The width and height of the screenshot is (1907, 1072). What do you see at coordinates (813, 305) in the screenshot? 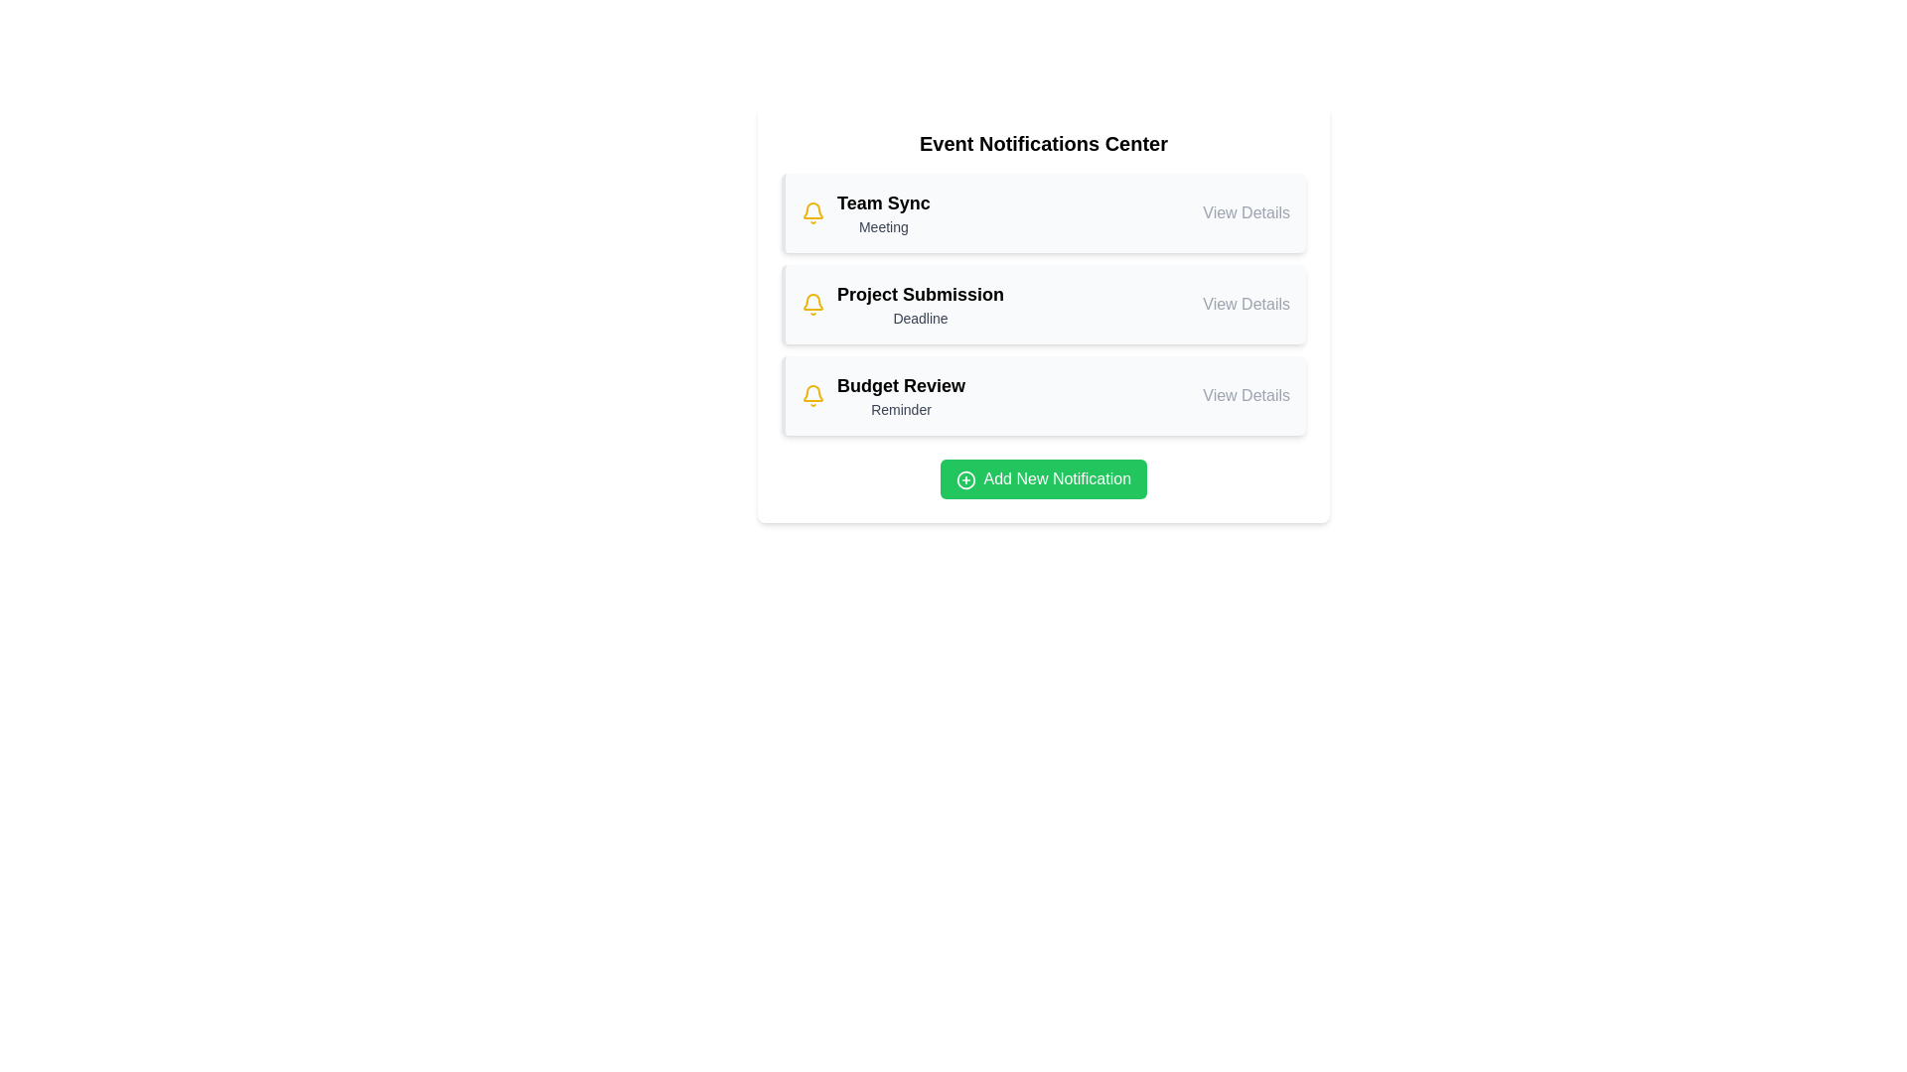
I see `the yellow bell-shaped SVG icon located next to the 'Project Submission' text in the 'Project Submission' card` at bounding box center [813, 305].